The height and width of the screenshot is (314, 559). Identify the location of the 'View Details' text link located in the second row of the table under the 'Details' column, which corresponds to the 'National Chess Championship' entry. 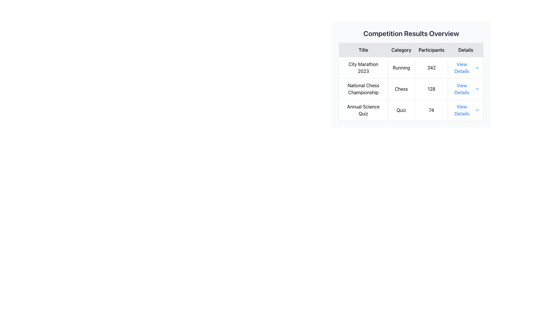
(461, 89).